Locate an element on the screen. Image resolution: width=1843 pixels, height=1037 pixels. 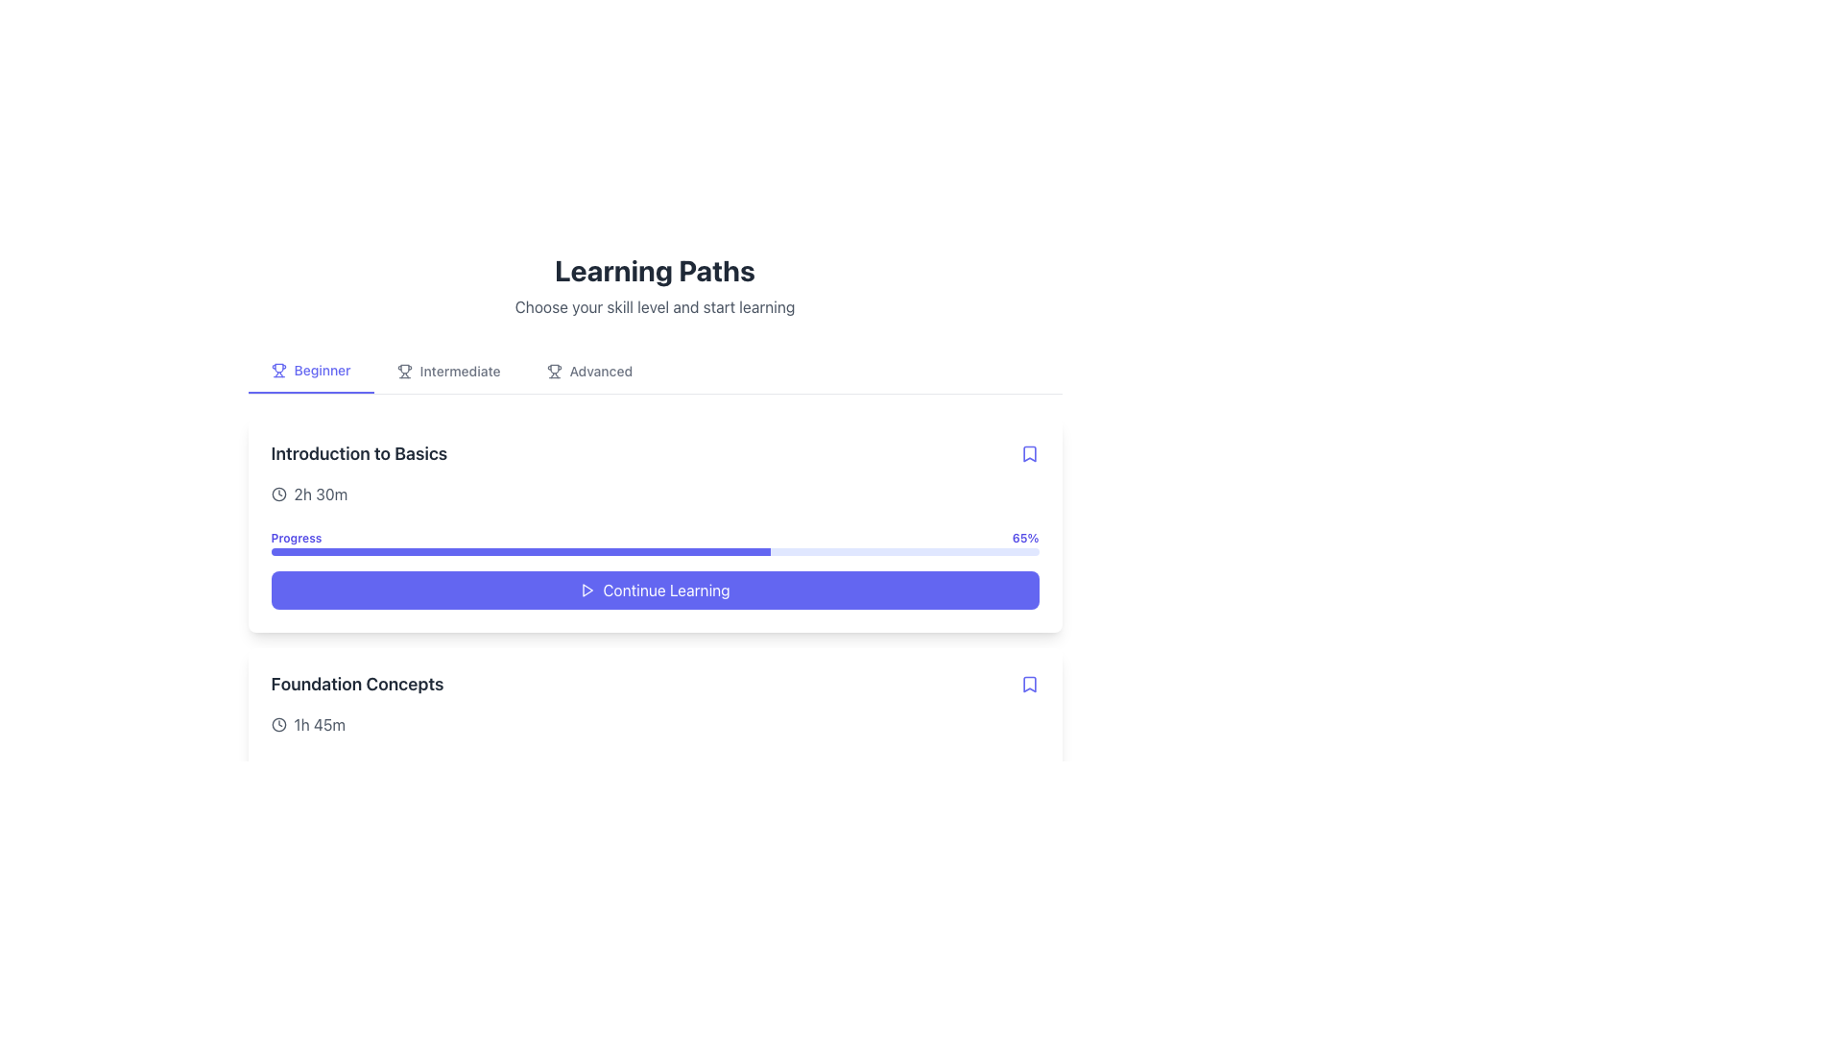
the bookmark icon (SVG) located at the top-right corner of the 'Introduction to Basics' card header is located at coordinates (1028, 454).